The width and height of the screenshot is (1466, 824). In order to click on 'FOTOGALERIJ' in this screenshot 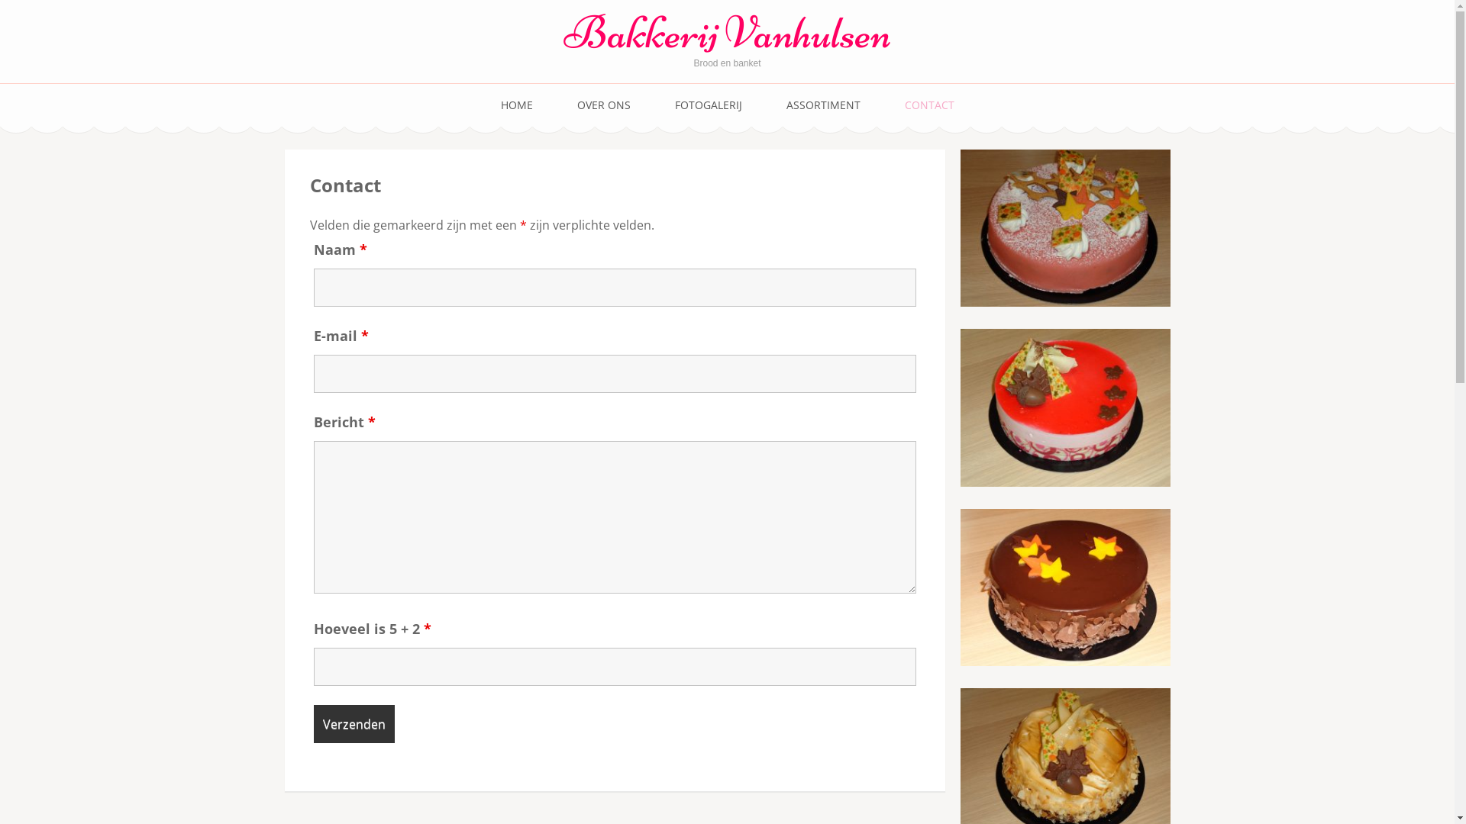, I will do `click(707, 105)`.